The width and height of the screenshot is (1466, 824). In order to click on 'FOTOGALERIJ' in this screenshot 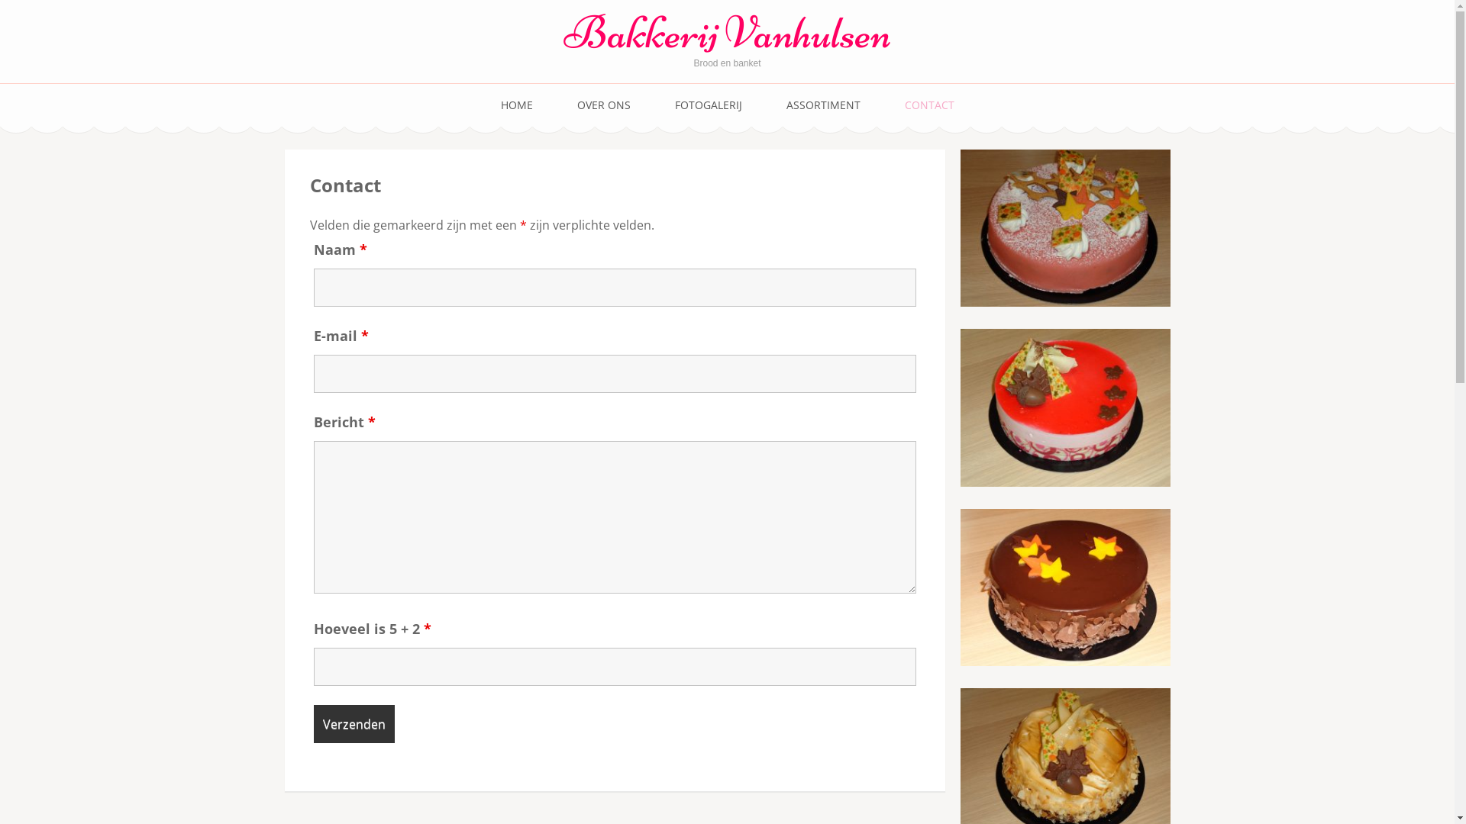, I will do `click(707, 105)`.